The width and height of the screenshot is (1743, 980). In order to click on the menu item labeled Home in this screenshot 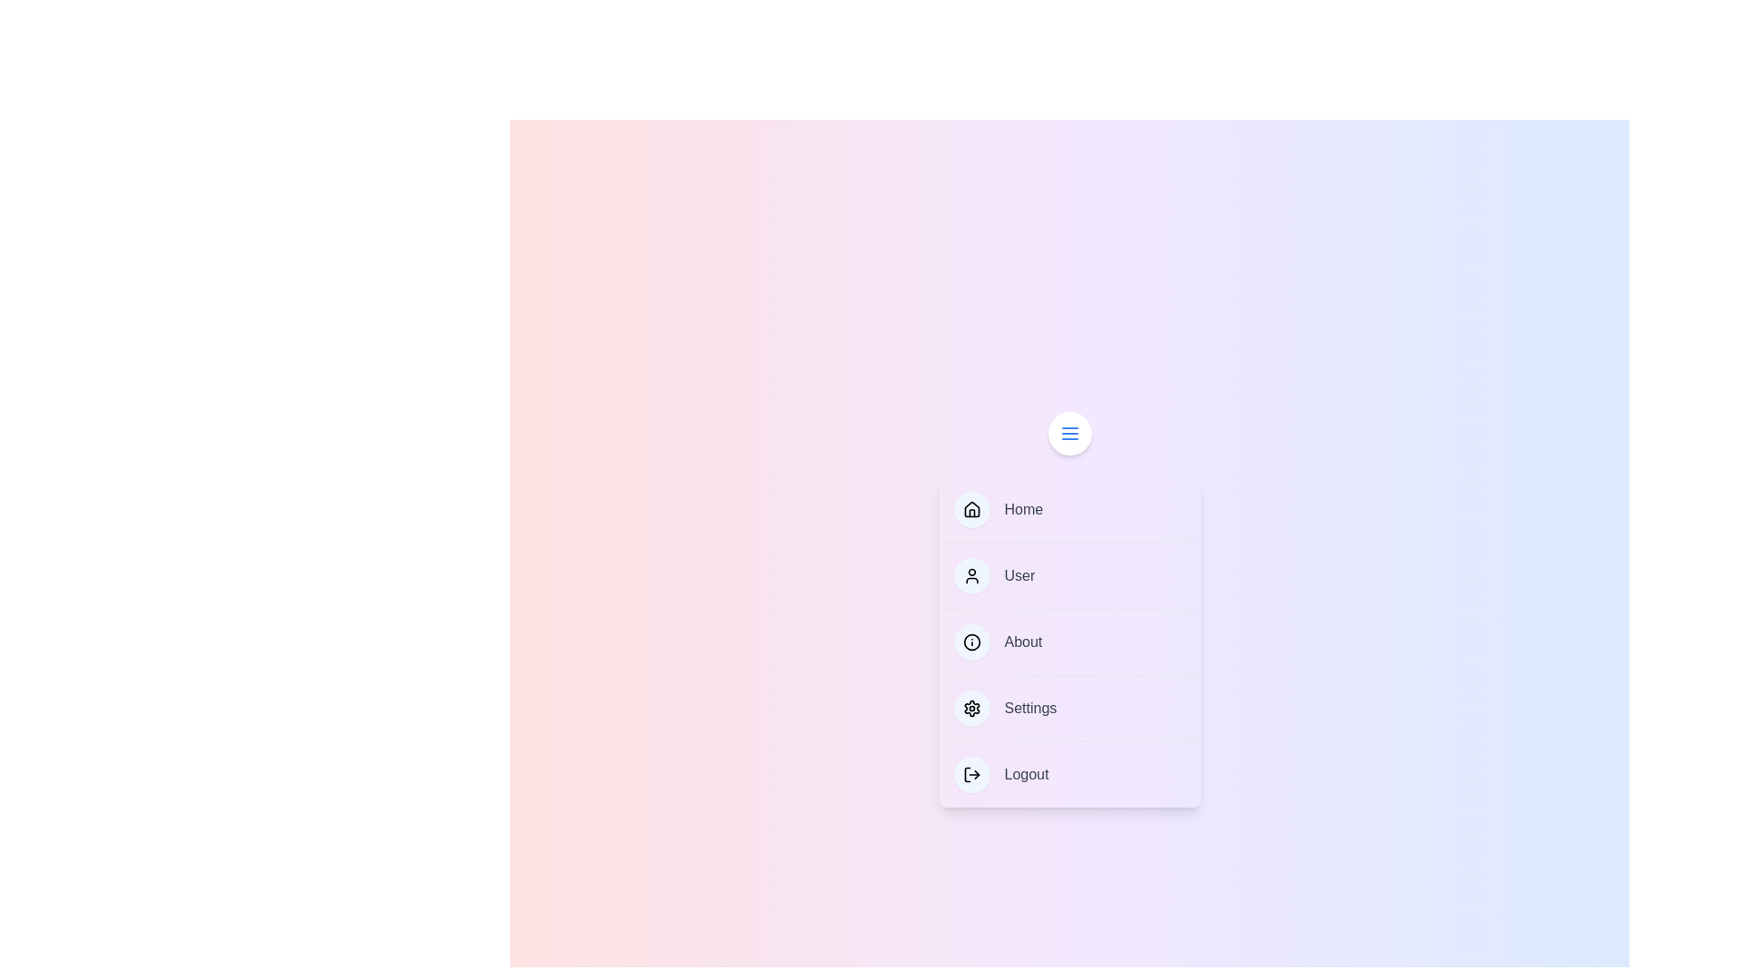, I will do `click(1069, 510)`.